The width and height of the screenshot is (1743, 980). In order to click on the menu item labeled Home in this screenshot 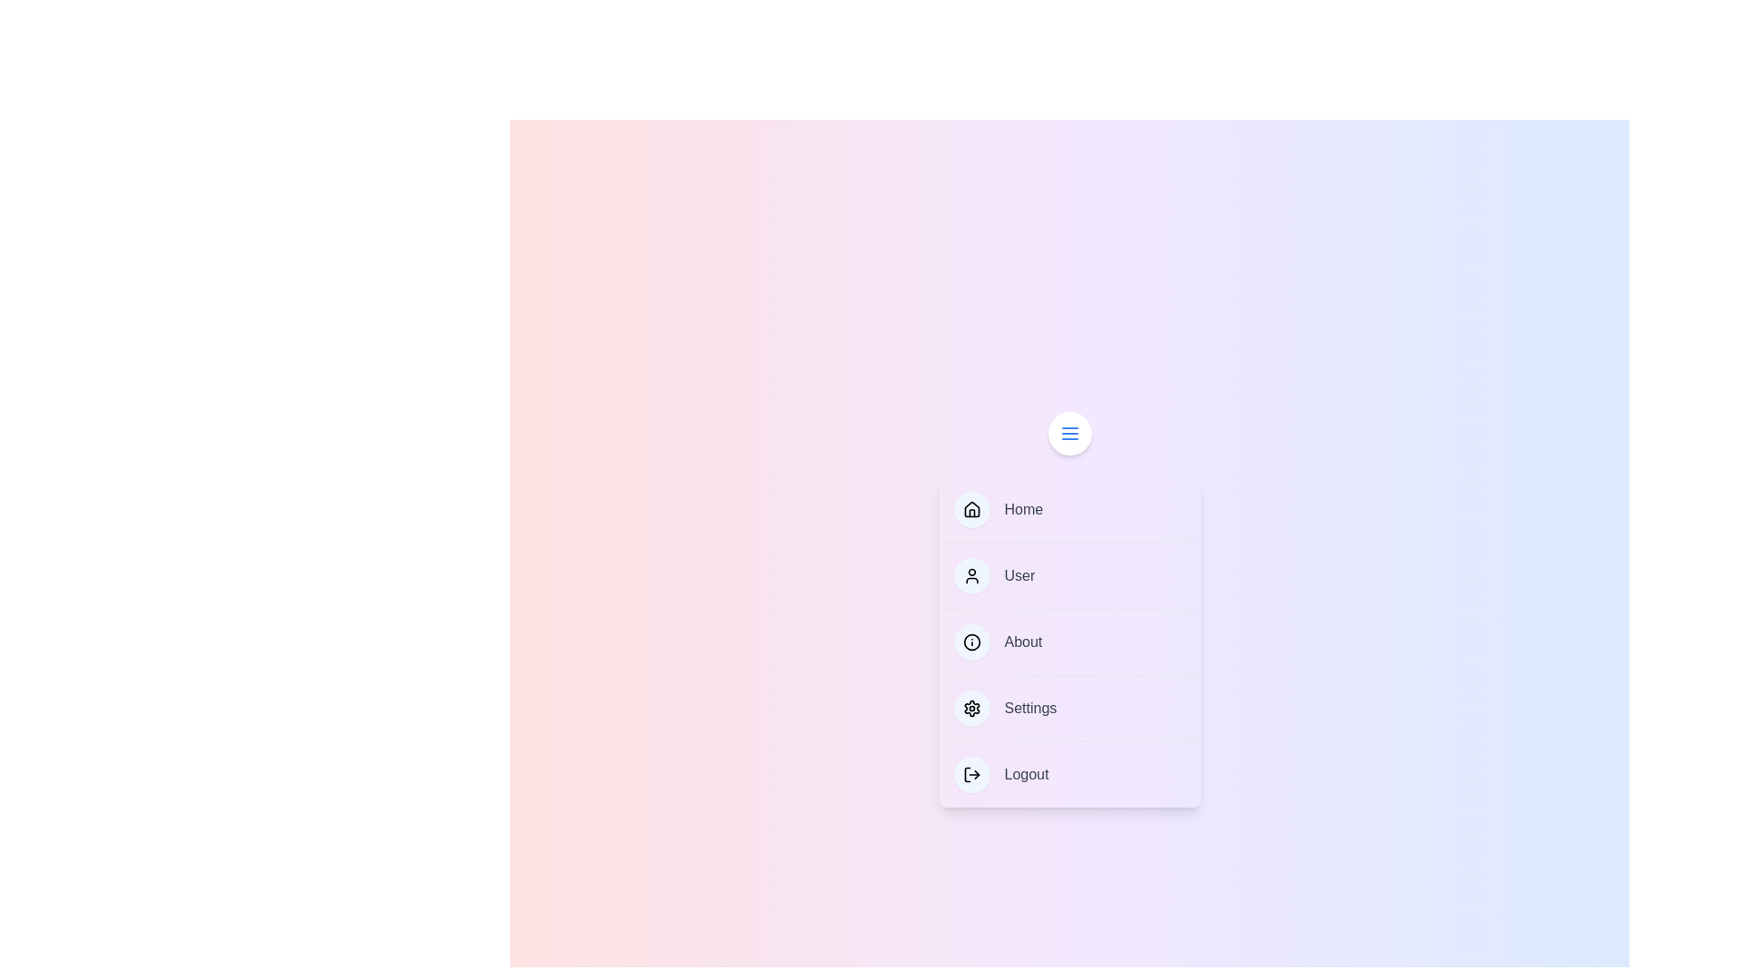, I will do `click(1069, 510)`.